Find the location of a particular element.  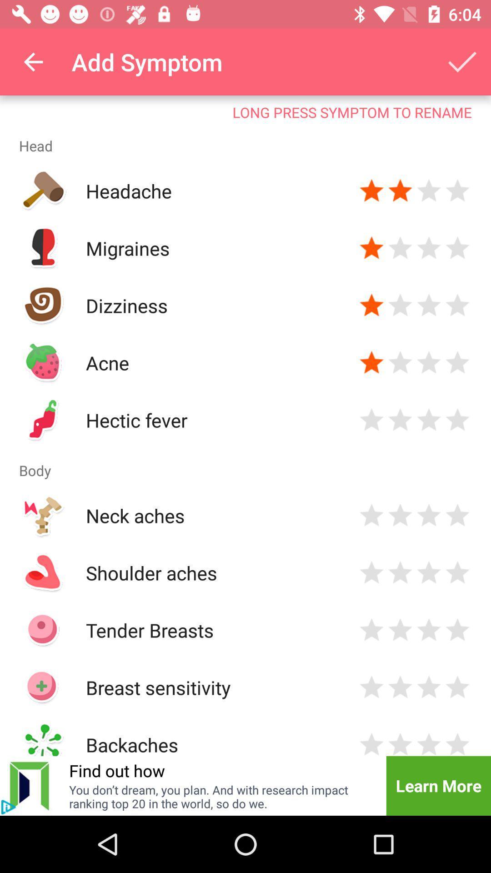

rate three stars is located at coordinates (429, 630).